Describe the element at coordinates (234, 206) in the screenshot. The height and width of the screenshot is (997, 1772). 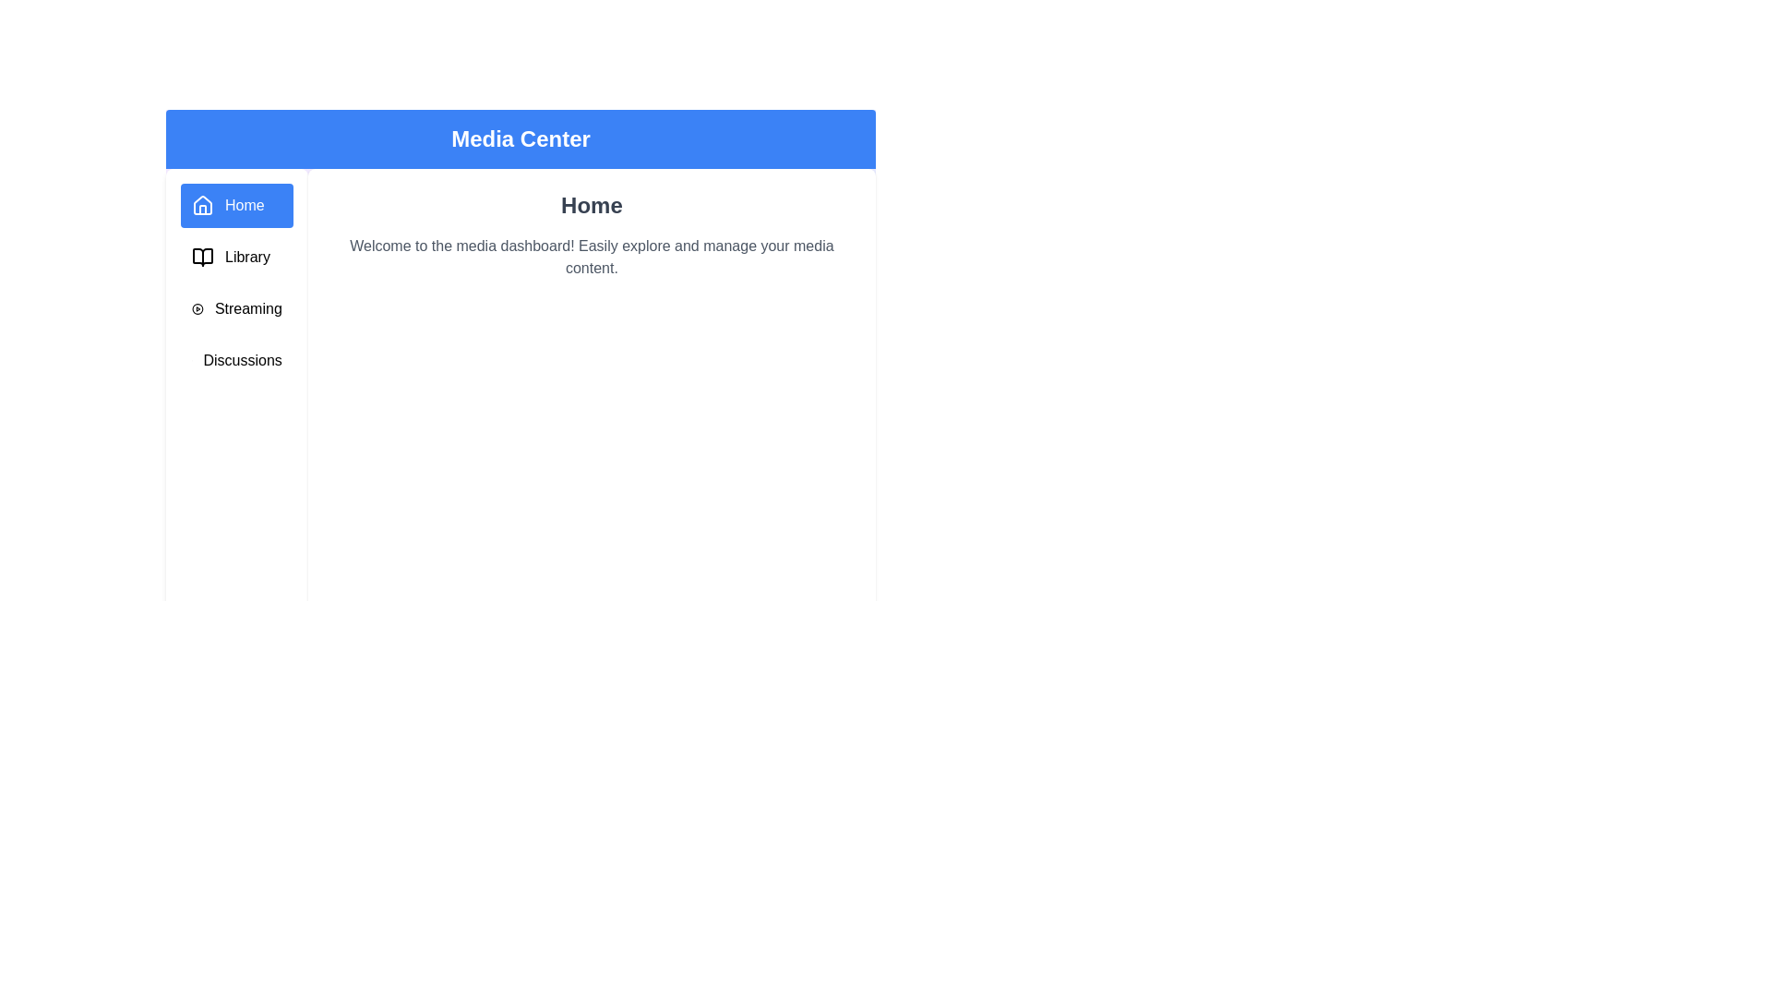
I see `the Home tab by clicking on its corresponding sidebar entry` at that location.